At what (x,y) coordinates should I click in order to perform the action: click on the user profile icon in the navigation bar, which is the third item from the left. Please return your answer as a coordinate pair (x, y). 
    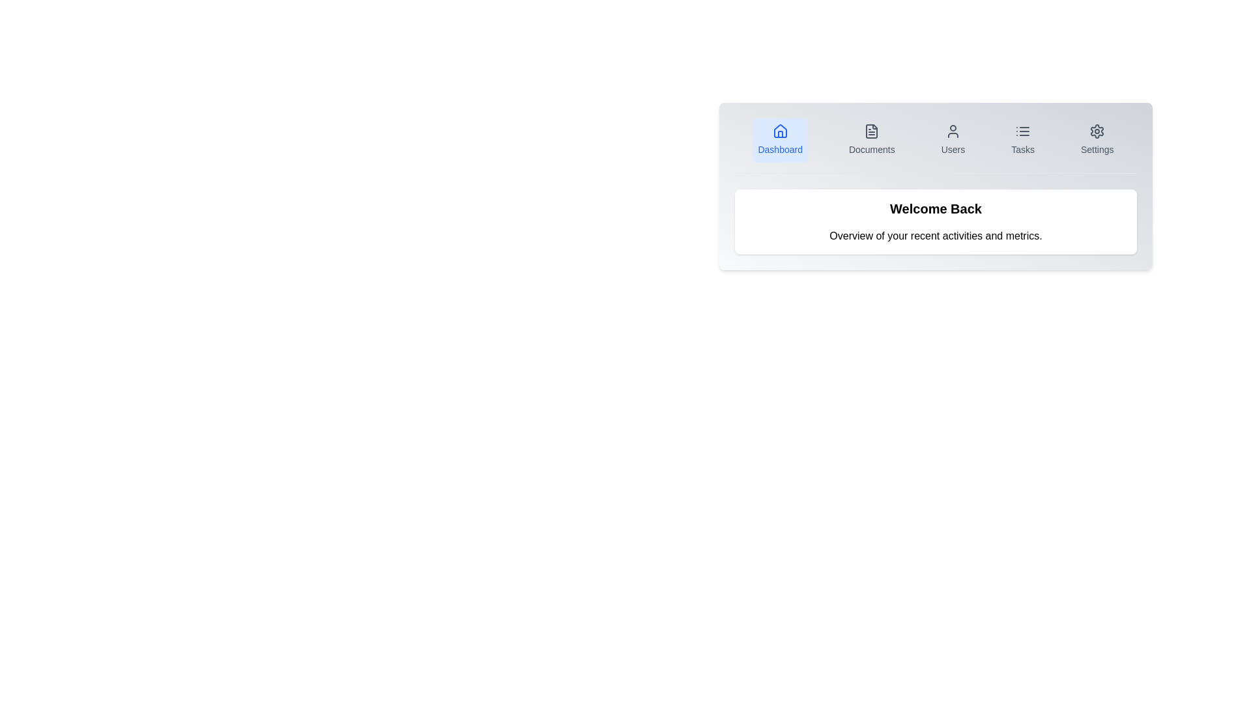
    Looking at the image, I should click on (953, 131).